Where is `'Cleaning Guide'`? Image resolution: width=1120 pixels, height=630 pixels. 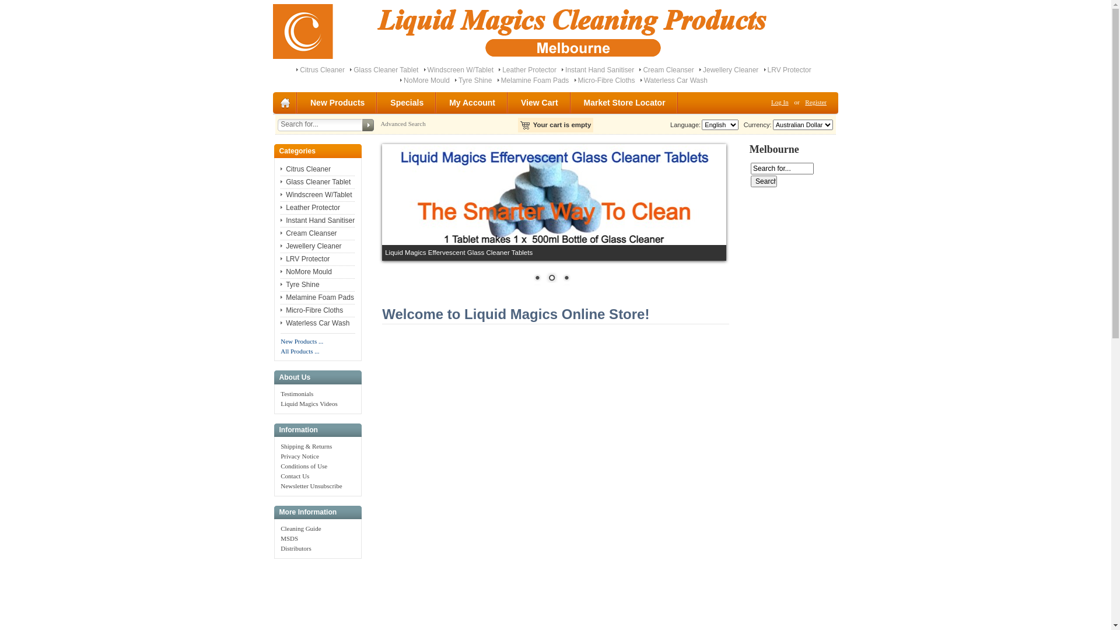 'Cleaning Guide' is located at coordinates (300, 528).